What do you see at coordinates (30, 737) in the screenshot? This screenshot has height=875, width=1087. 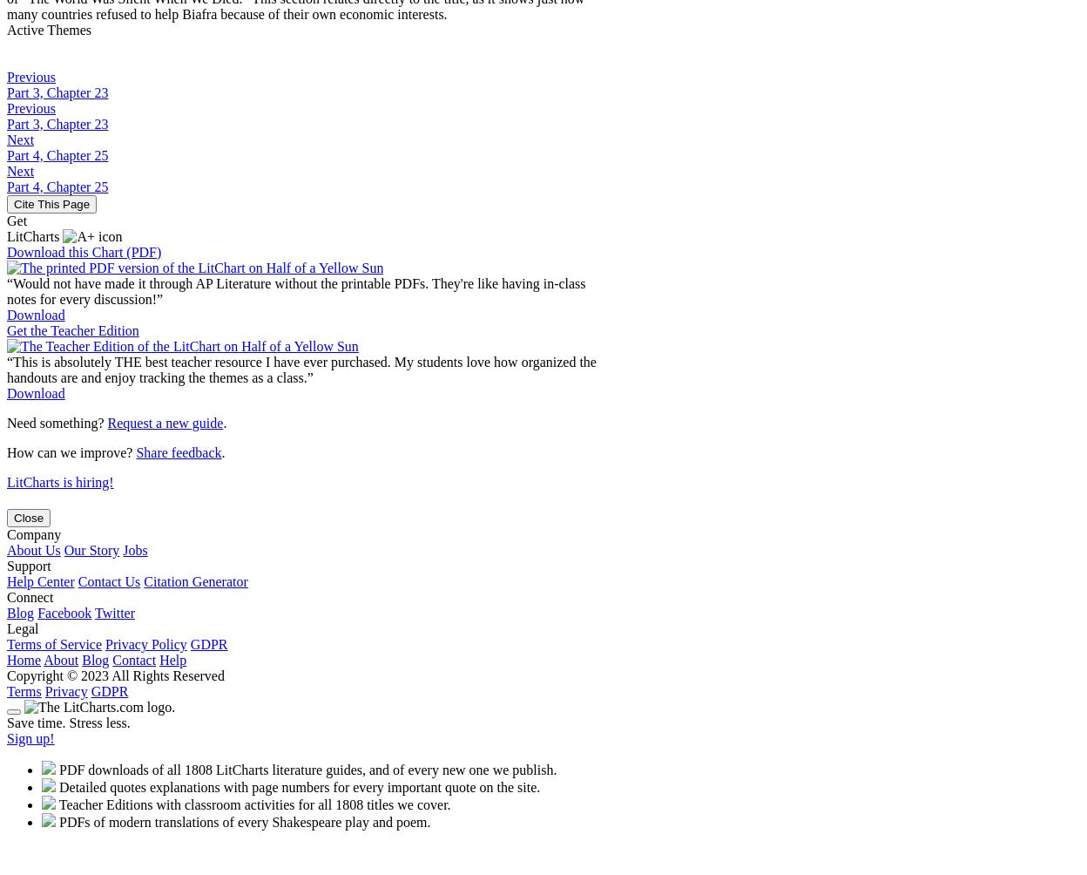 I see `'Sign up!'` at bounding box center [30, 737].